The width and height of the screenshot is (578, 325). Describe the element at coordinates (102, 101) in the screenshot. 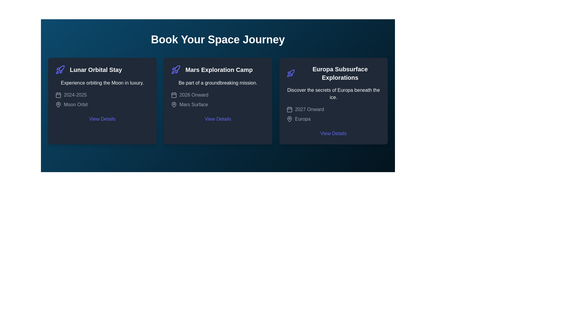

I see `the first card UI component that provides information about 'Lunar Orbital Stay', located in the leftmost segment of the row` at that location.